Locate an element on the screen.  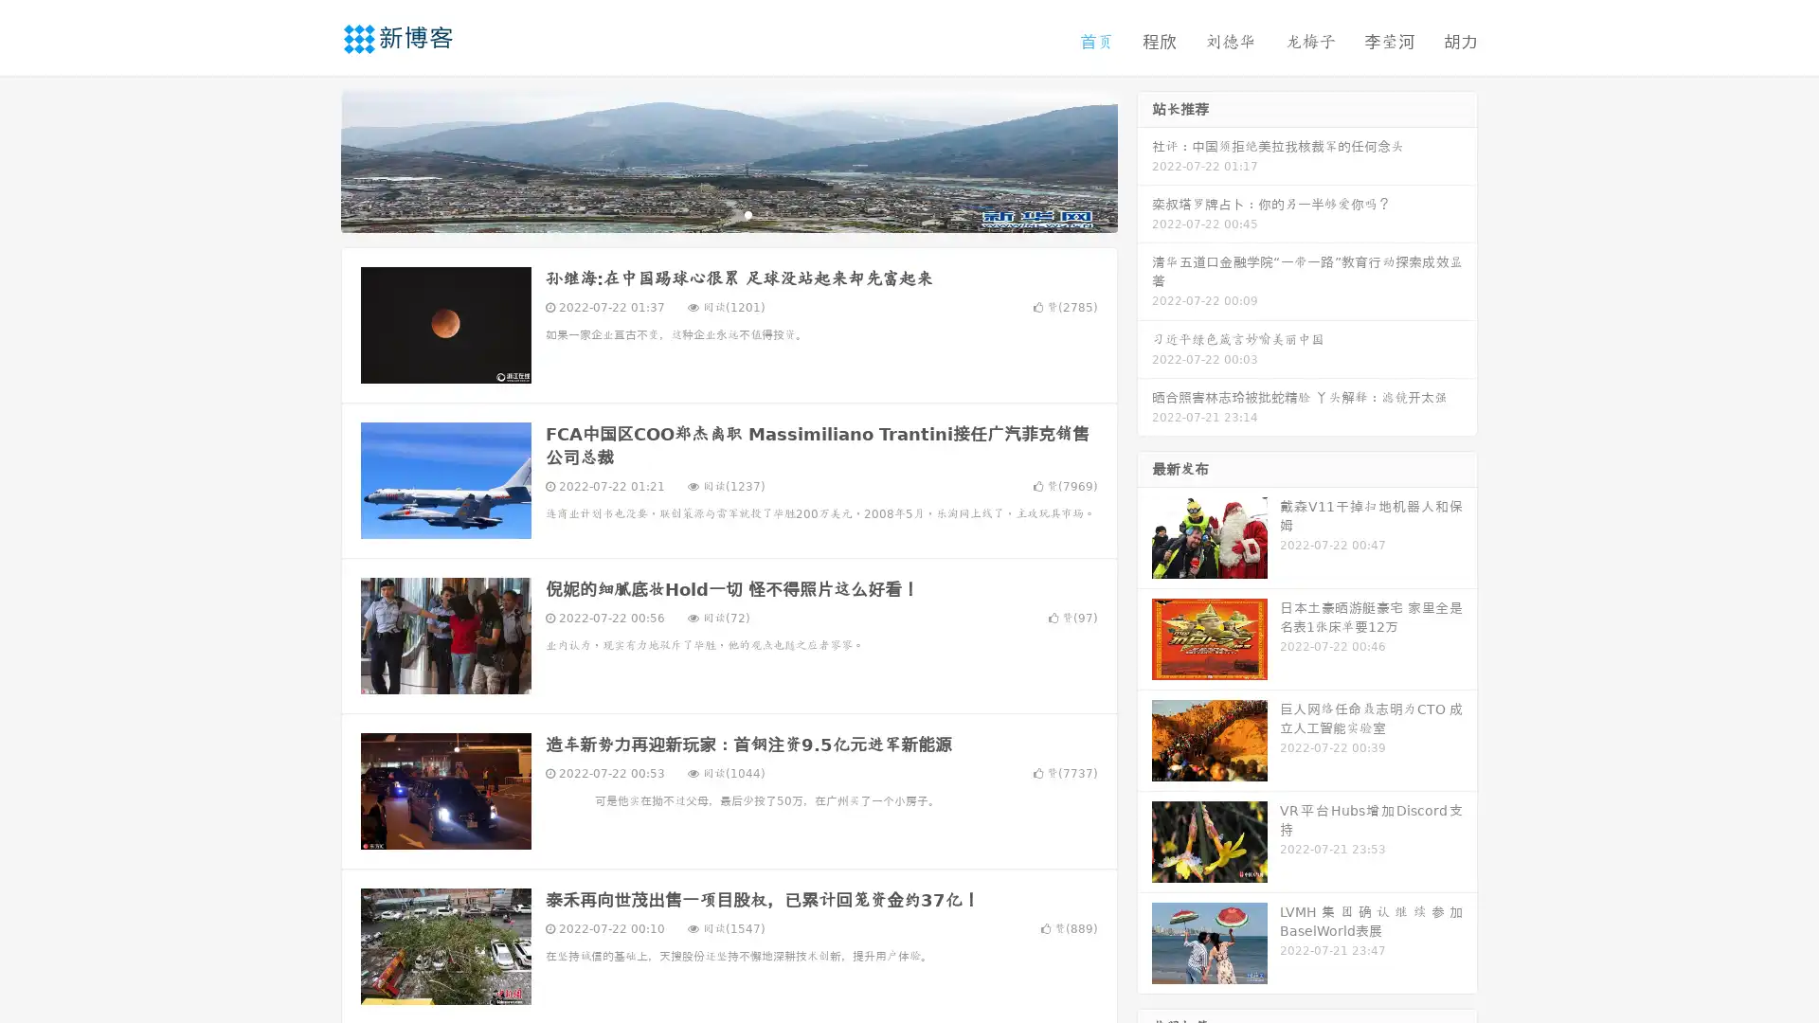
Go to slide 1 is located at coordinates (709, 213).